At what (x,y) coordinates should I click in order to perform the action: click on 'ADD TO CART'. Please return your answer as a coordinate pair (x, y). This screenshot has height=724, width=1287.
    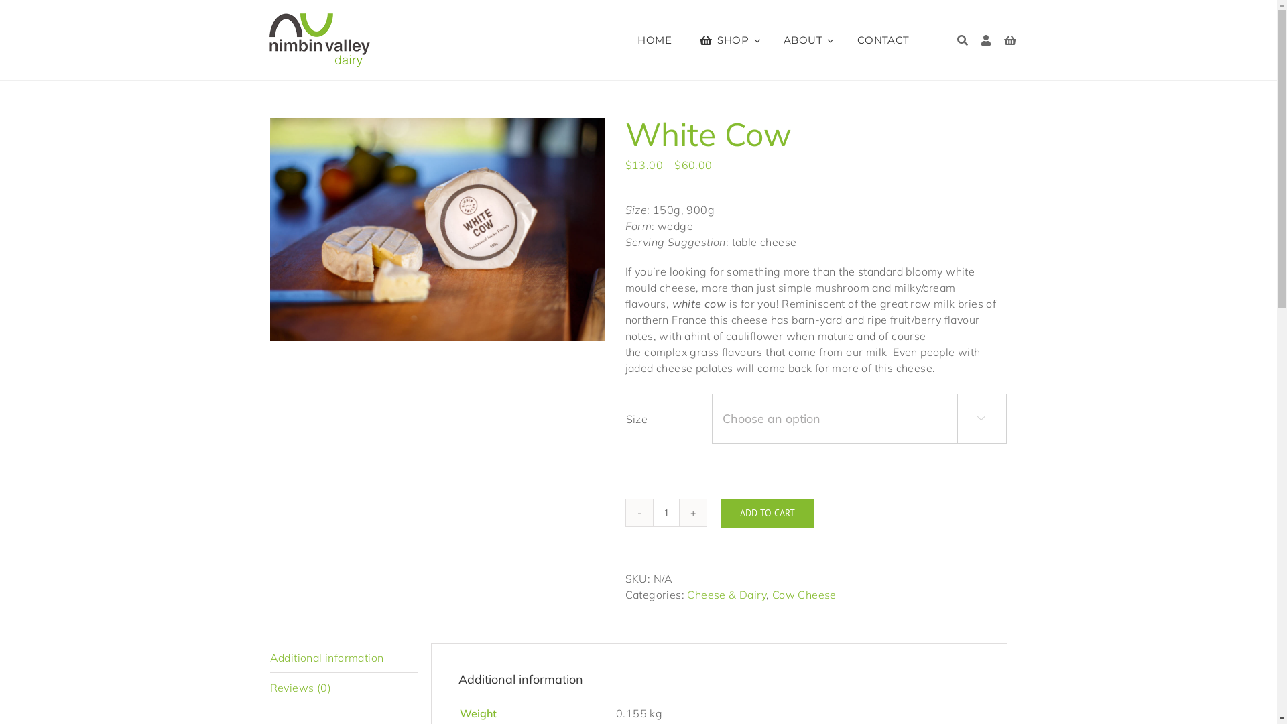
    Looking at the image, I should click on (766, 513).